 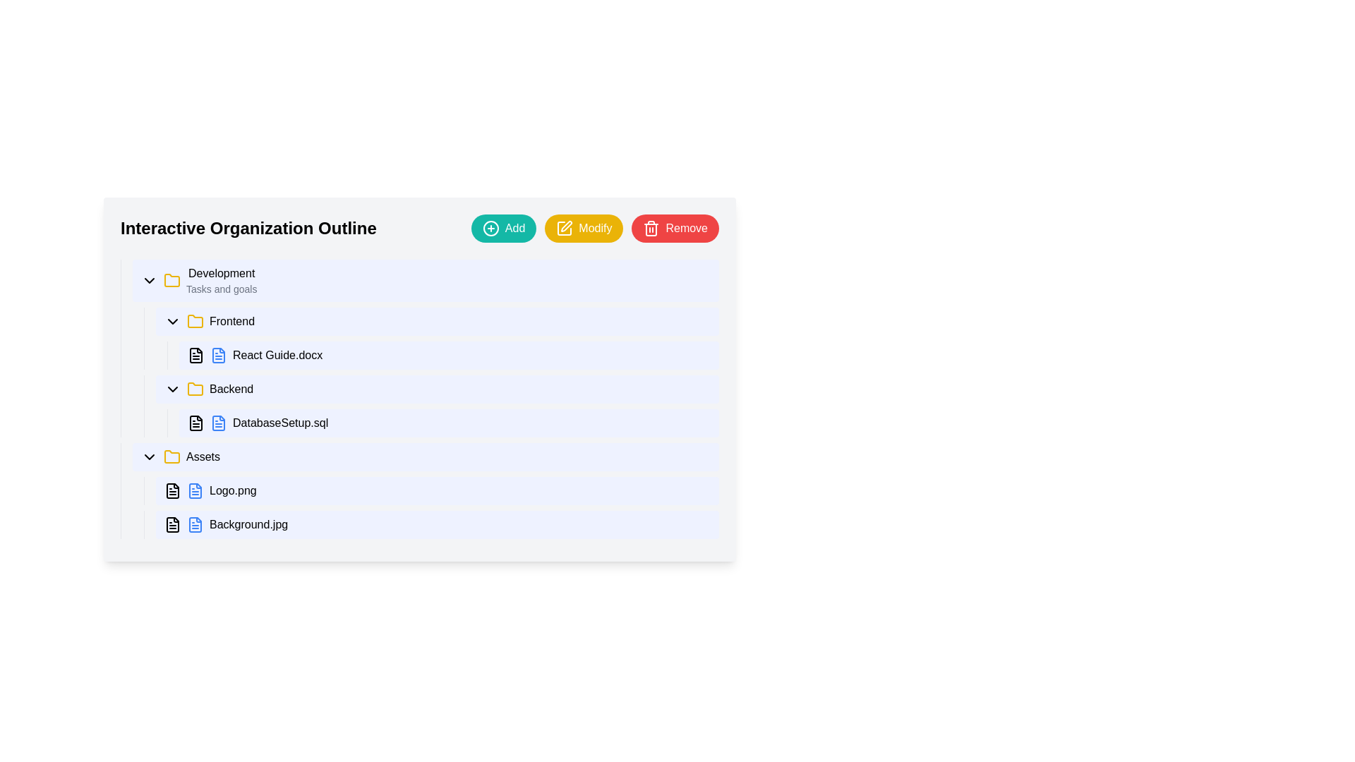 What do you see at coordinates (675, 228) in the screenshot?
I see `the red rounded button labeled 'Remove' located at the top-right corner of the interface` at bounding box center [675, 228].